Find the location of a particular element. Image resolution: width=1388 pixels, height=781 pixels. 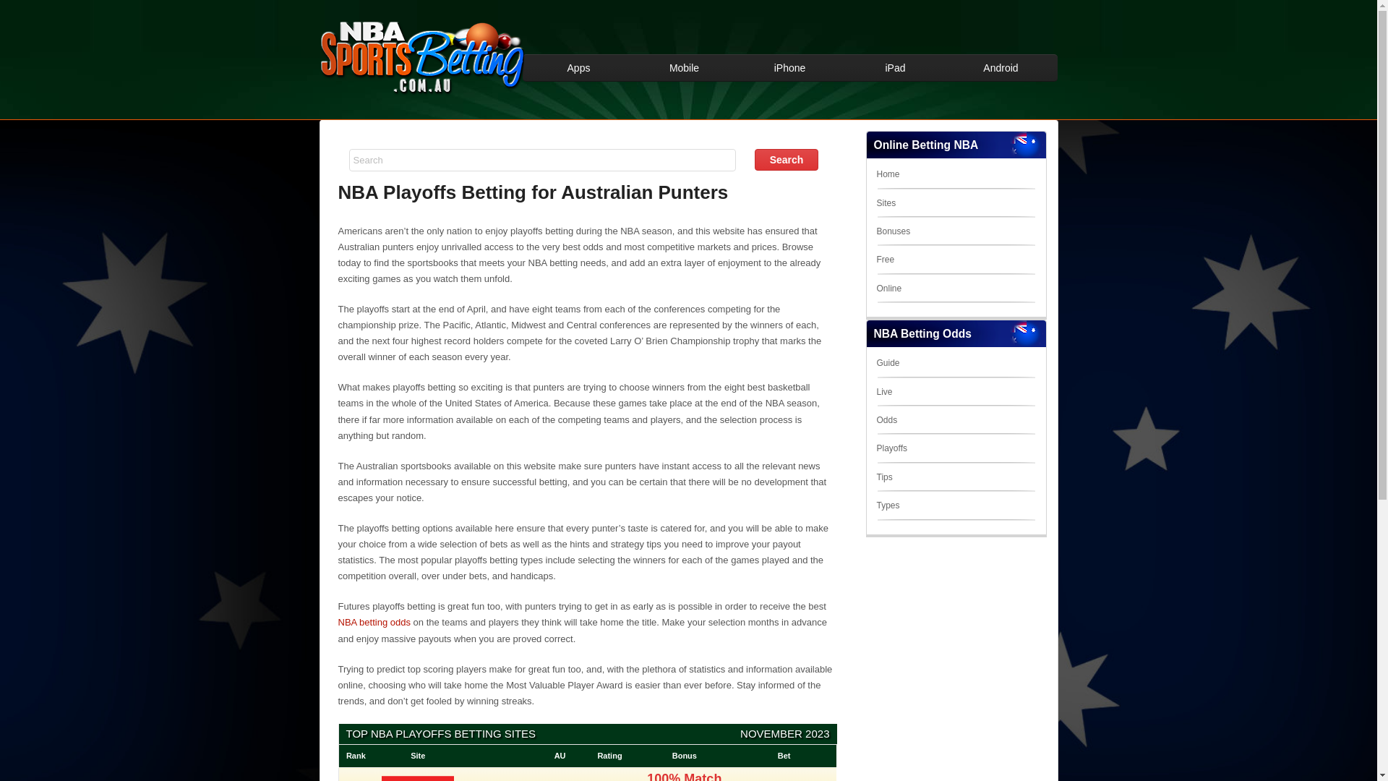

'iPad' is located at coordinates (894, 67).